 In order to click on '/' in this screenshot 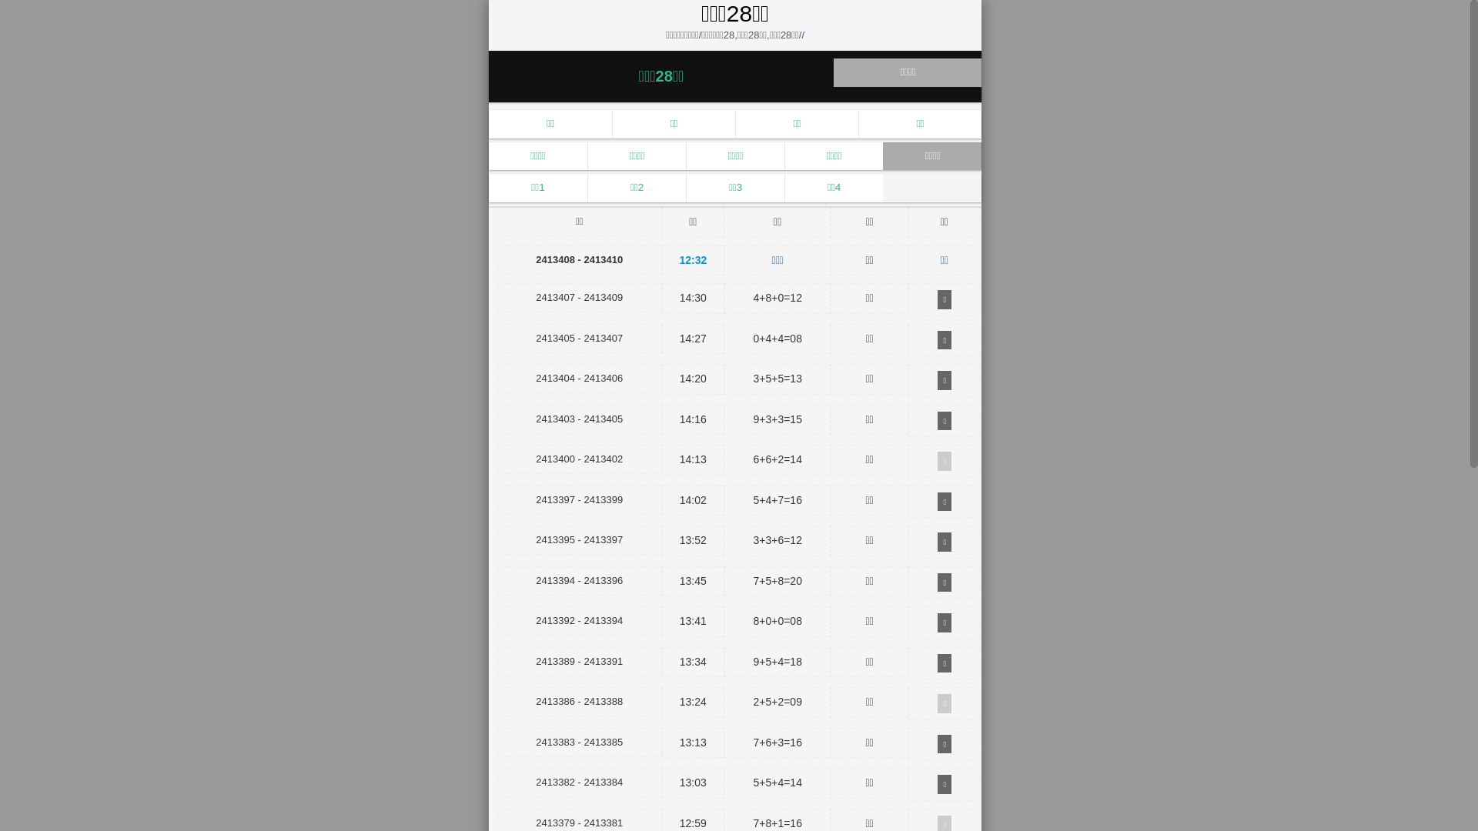, I will do `click(801, 35)`.